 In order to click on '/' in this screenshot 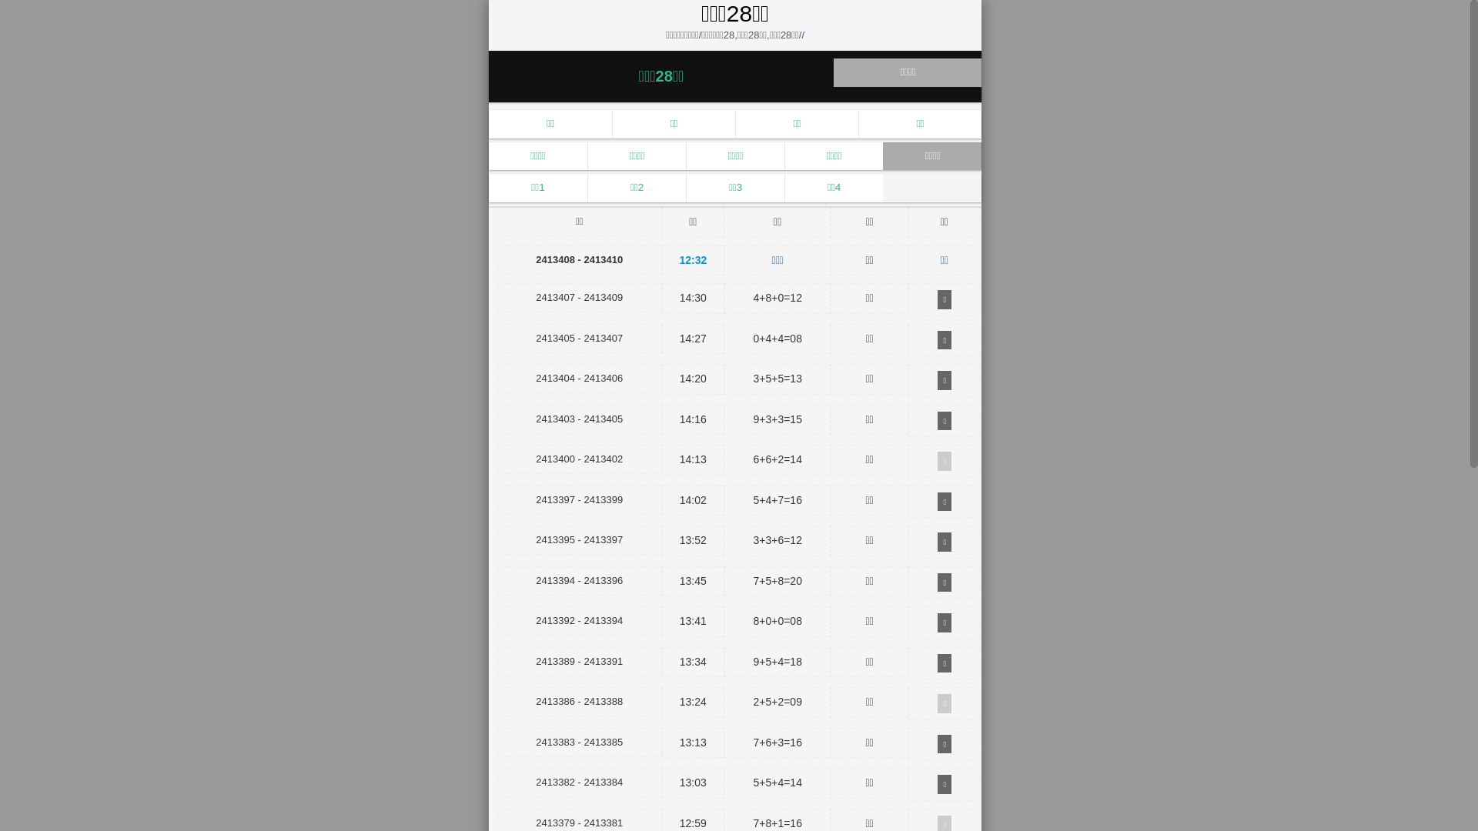, I will do `click(801, 35)`.